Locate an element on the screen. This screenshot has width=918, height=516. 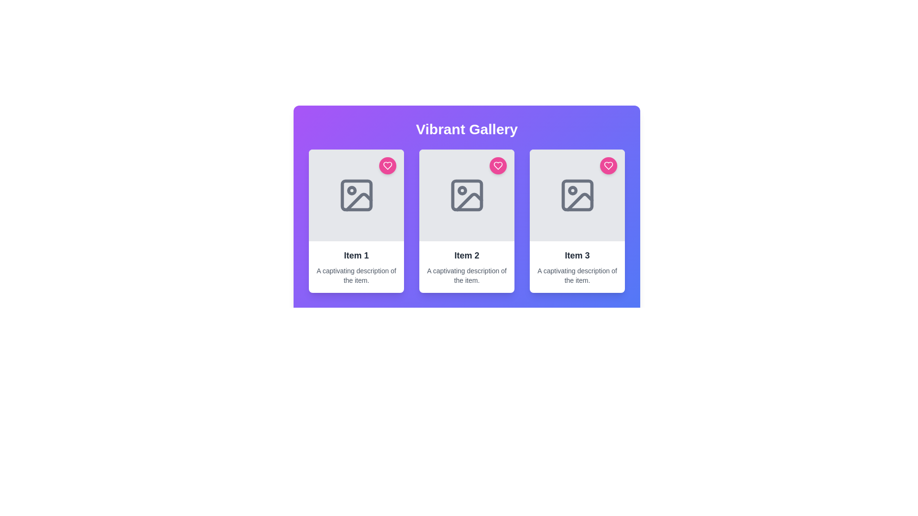
the text block element containing the heading 'Item 1' and the description is located at coordinates (356, 267).